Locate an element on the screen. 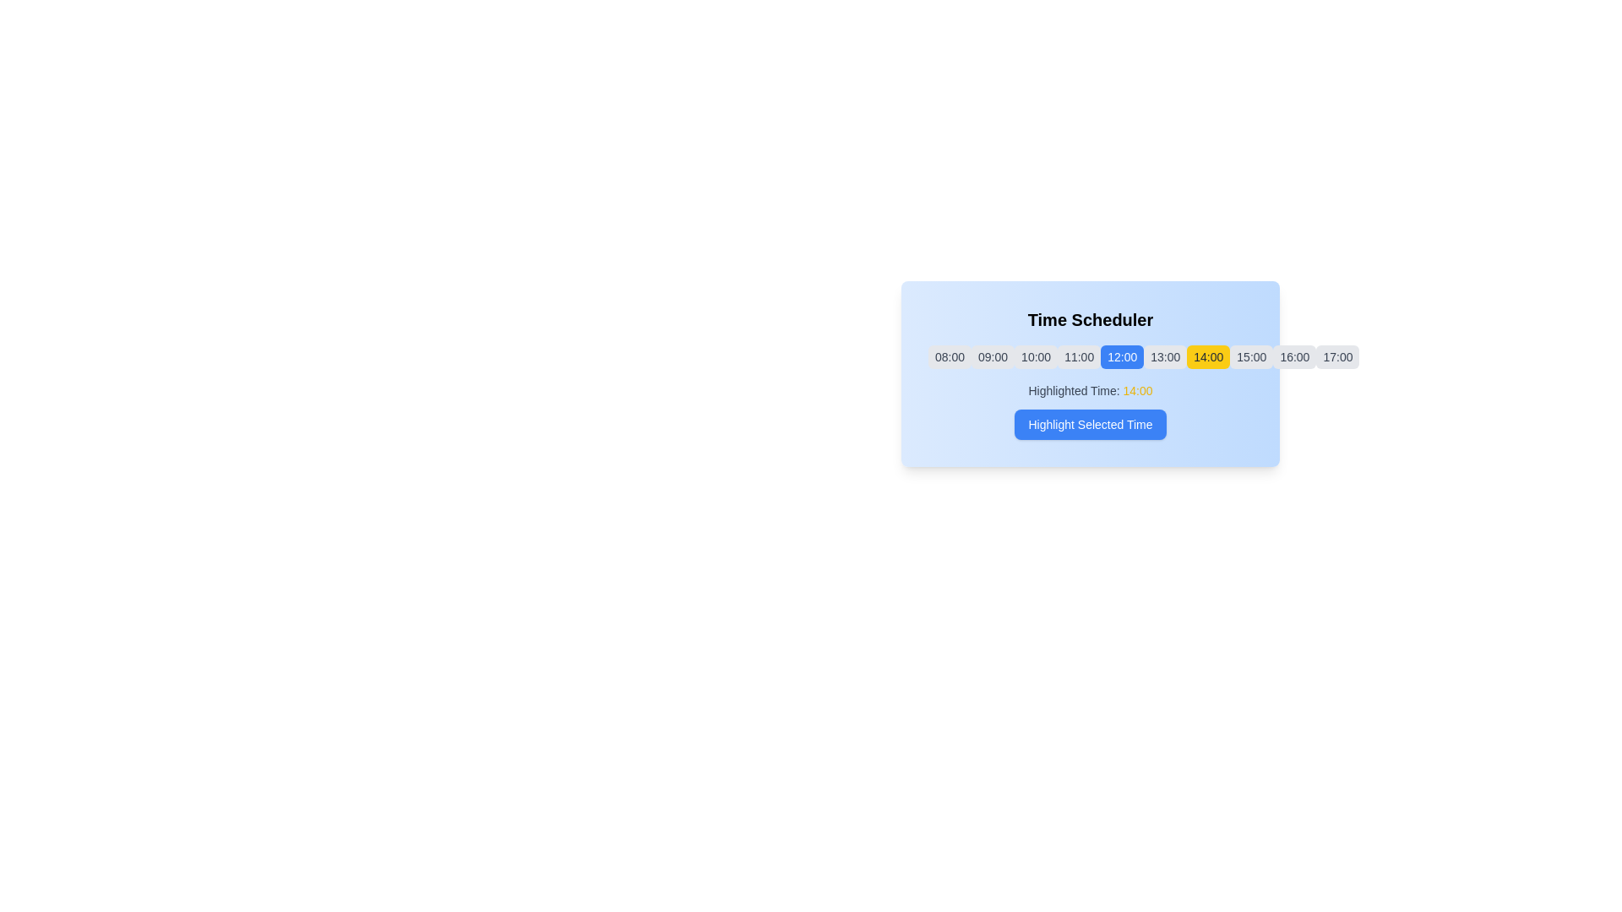 The image size is (1622, 912). the '13:00' button located in the upper section of the blue 'Time Scheduler' panel is located at coordinates (1164, 356).